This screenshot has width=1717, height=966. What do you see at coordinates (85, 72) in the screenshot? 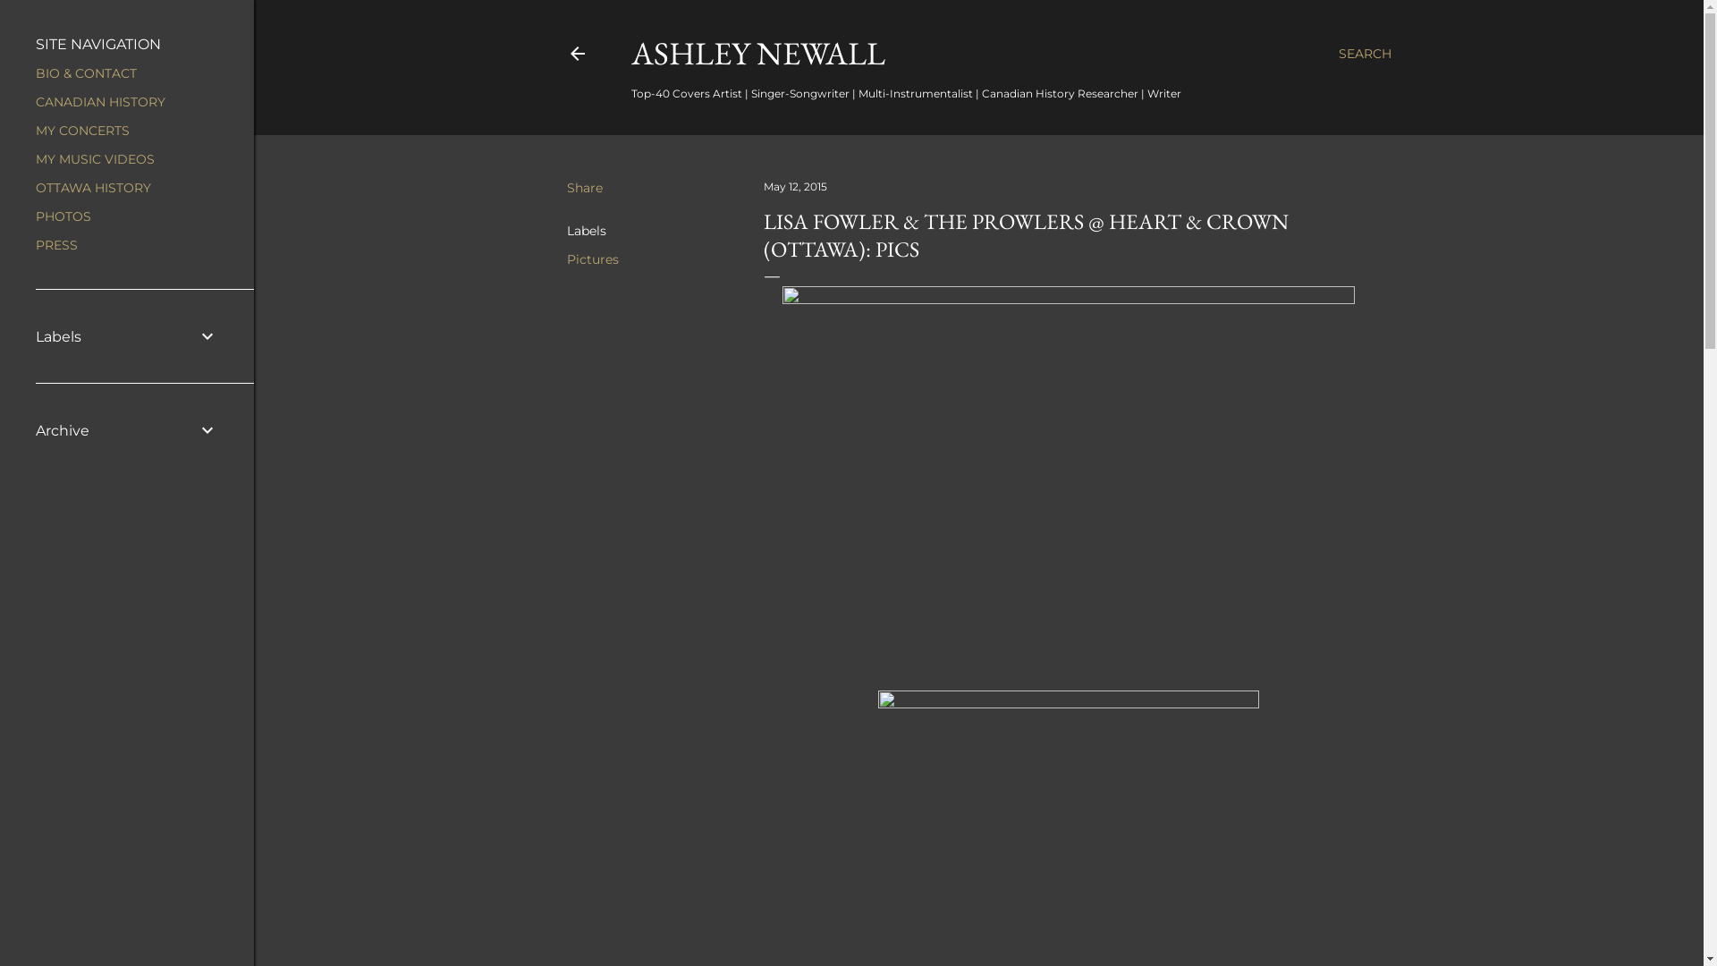
I see `'BIO & CONTACT'` at bounding box center [85, 72].